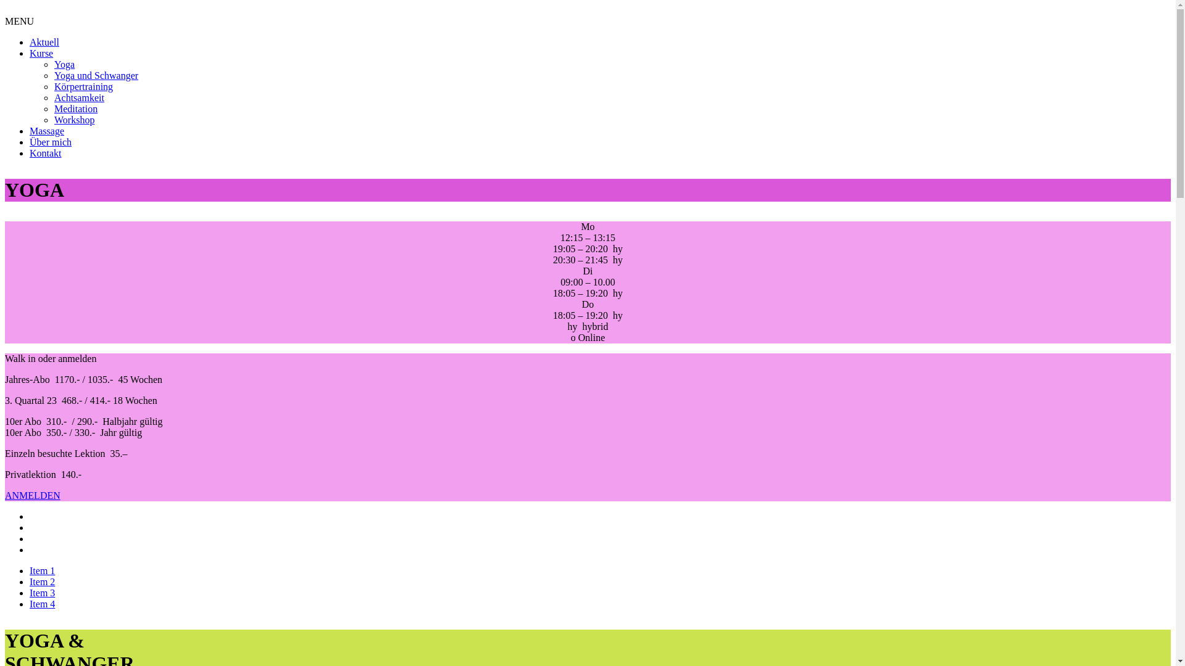 This screenshot has height=666, width=1185. I want to click on 'Meditation', so click(75, 108).